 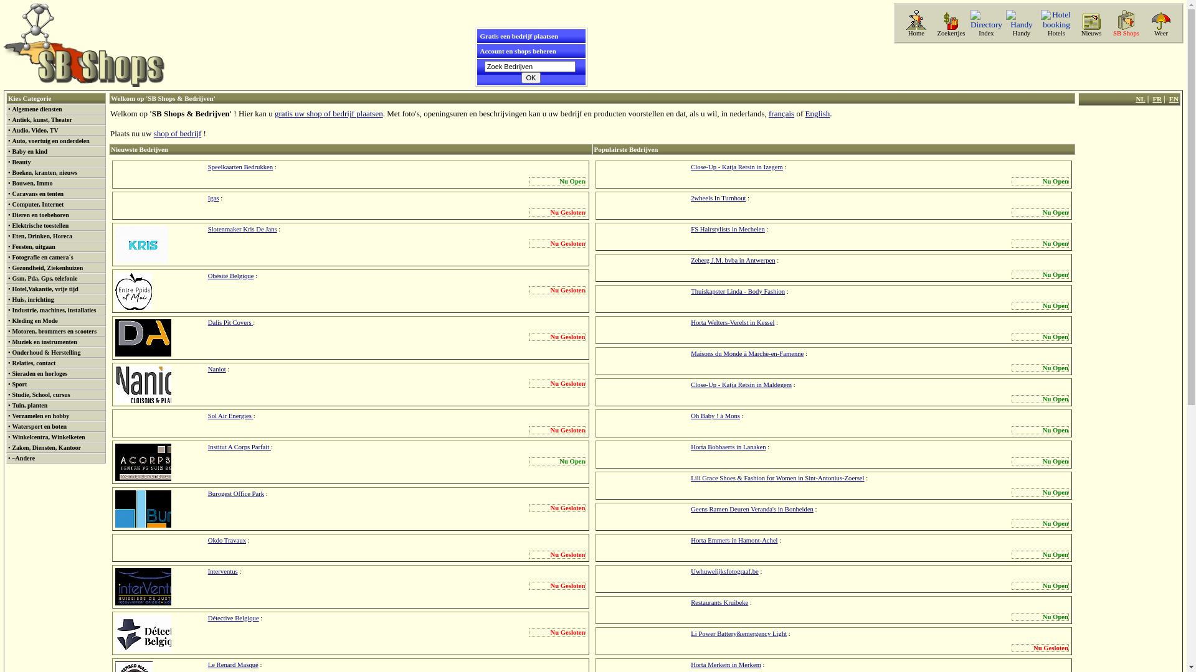 What do you see at coordinates (1126, 32) in the screenshot?
I see `'SB Shops'` at bounding box center [1126, 32].